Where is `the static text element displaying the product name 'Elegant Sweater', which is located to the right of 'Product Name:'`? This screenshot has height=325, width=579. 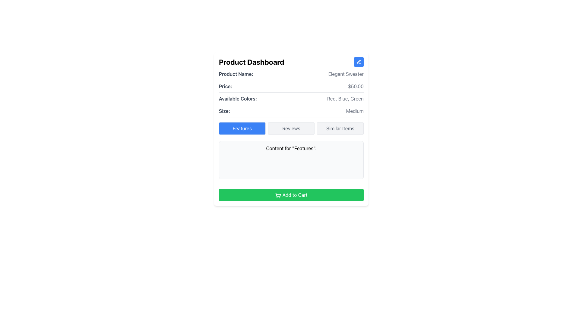 the static text element displaying the product name 'Elegant Sweater', which is located to the right of 'Product Name:' is located at coordinates (346, 74).